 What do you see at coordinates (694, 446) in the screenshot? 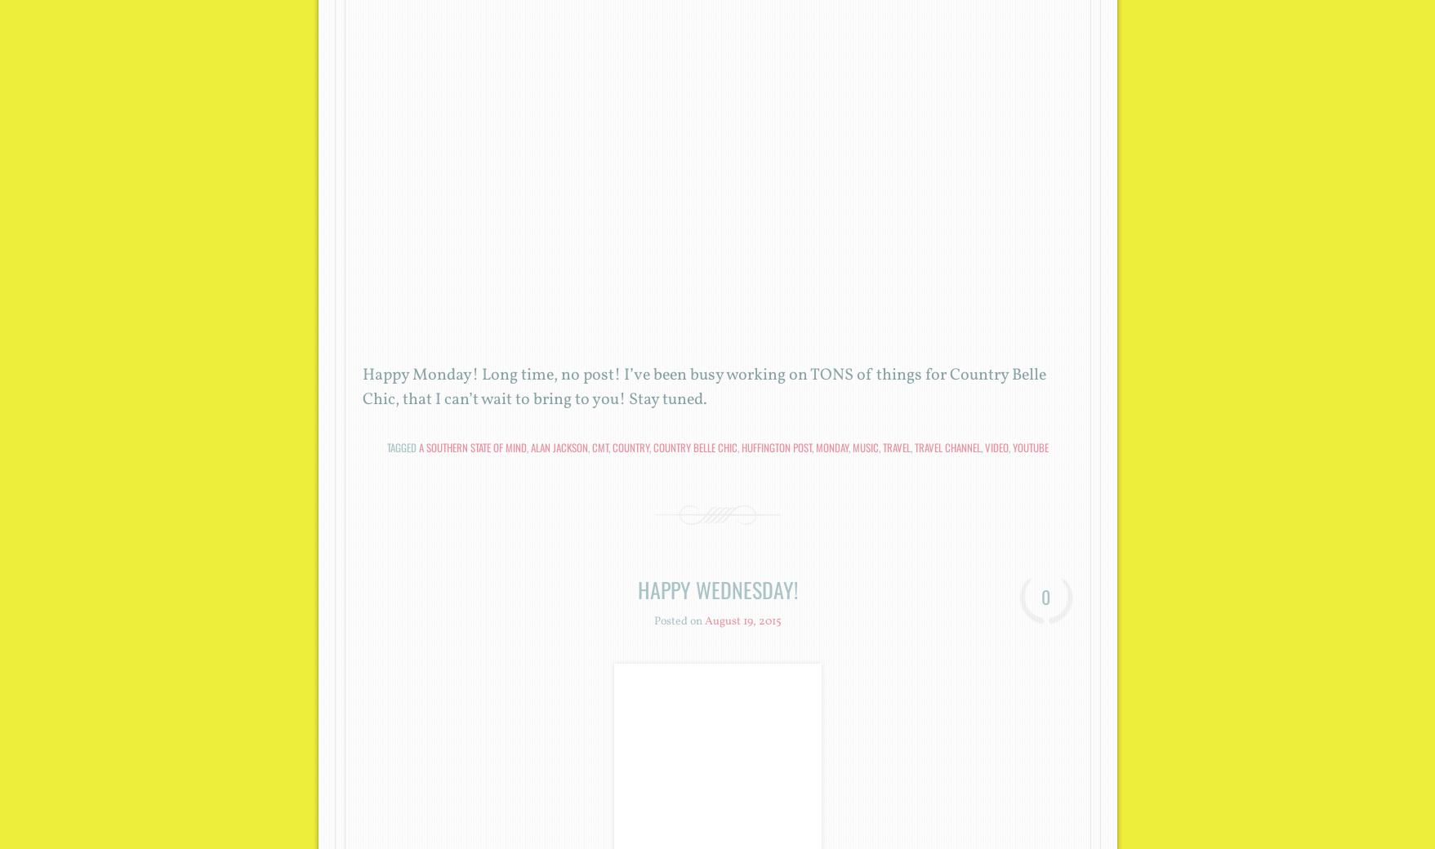
I see `'country belle chic'` at bounding box center [694, 446].